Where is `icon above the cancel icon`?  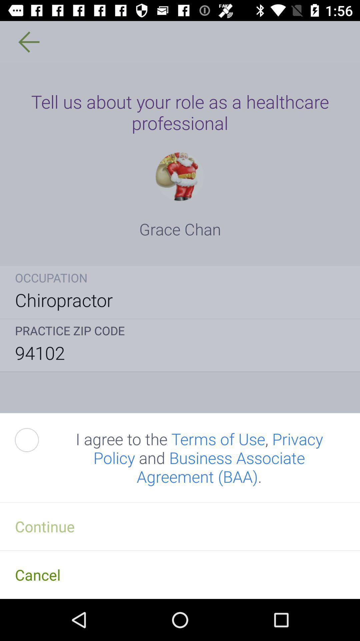
icon above the cancel icon is located at coordinates (180, 526).